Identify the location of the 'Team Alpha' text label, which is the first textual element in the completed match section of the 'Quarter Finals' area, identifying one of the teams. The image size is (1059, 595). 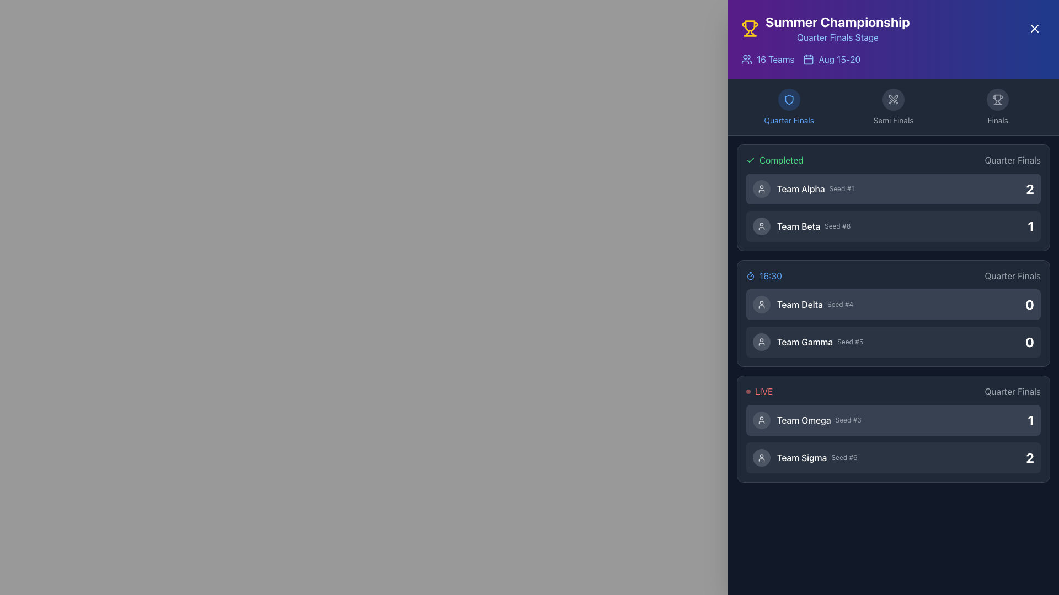
(801, 188).